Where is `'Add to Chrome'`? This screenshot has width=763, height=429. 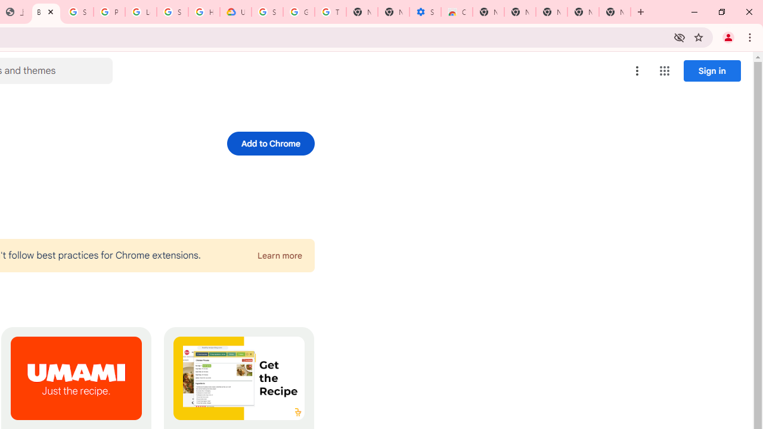
'Add to Chrome' is located at coordinates (269, 142).